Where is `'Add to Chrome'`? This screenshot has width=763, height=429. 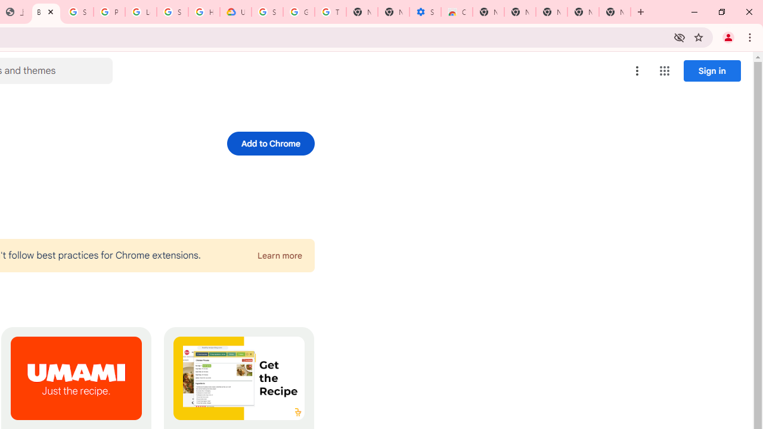
'Add to Chrome' is located at coordinates (269, 142).